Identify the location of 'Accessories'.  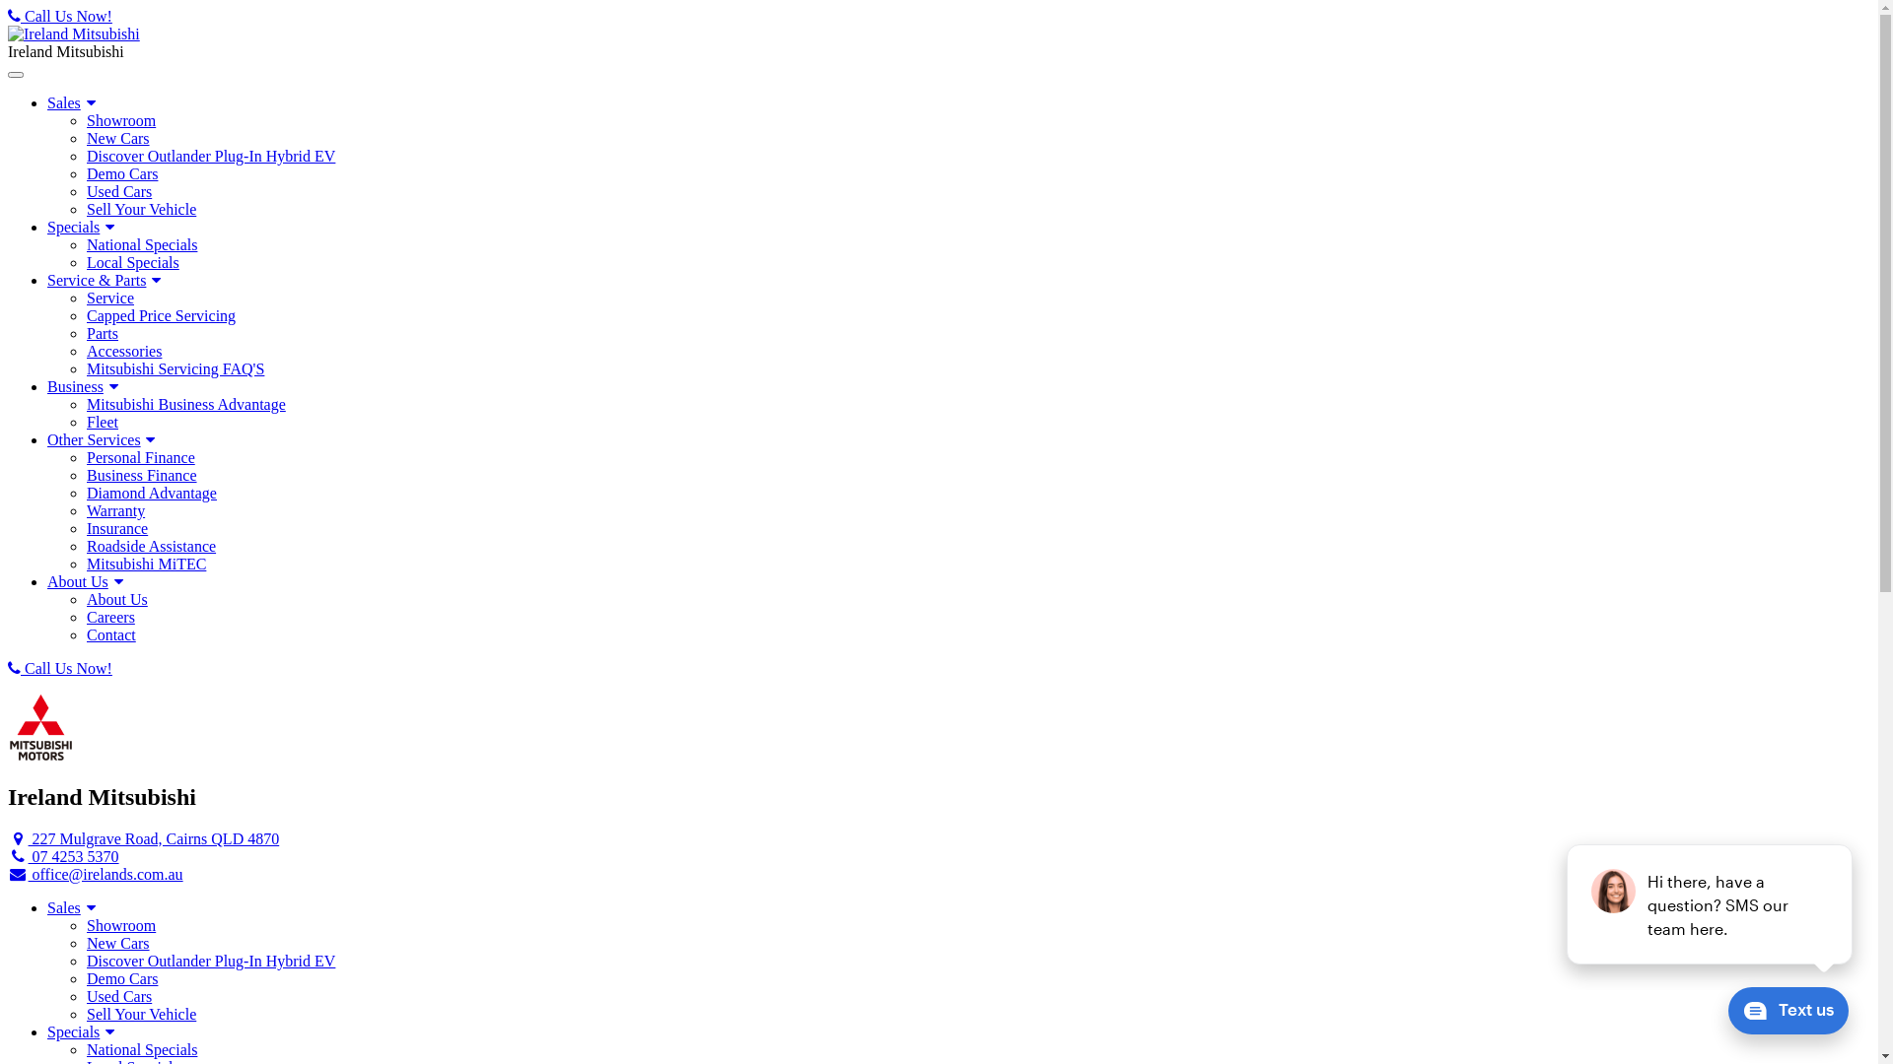
(85, 351).